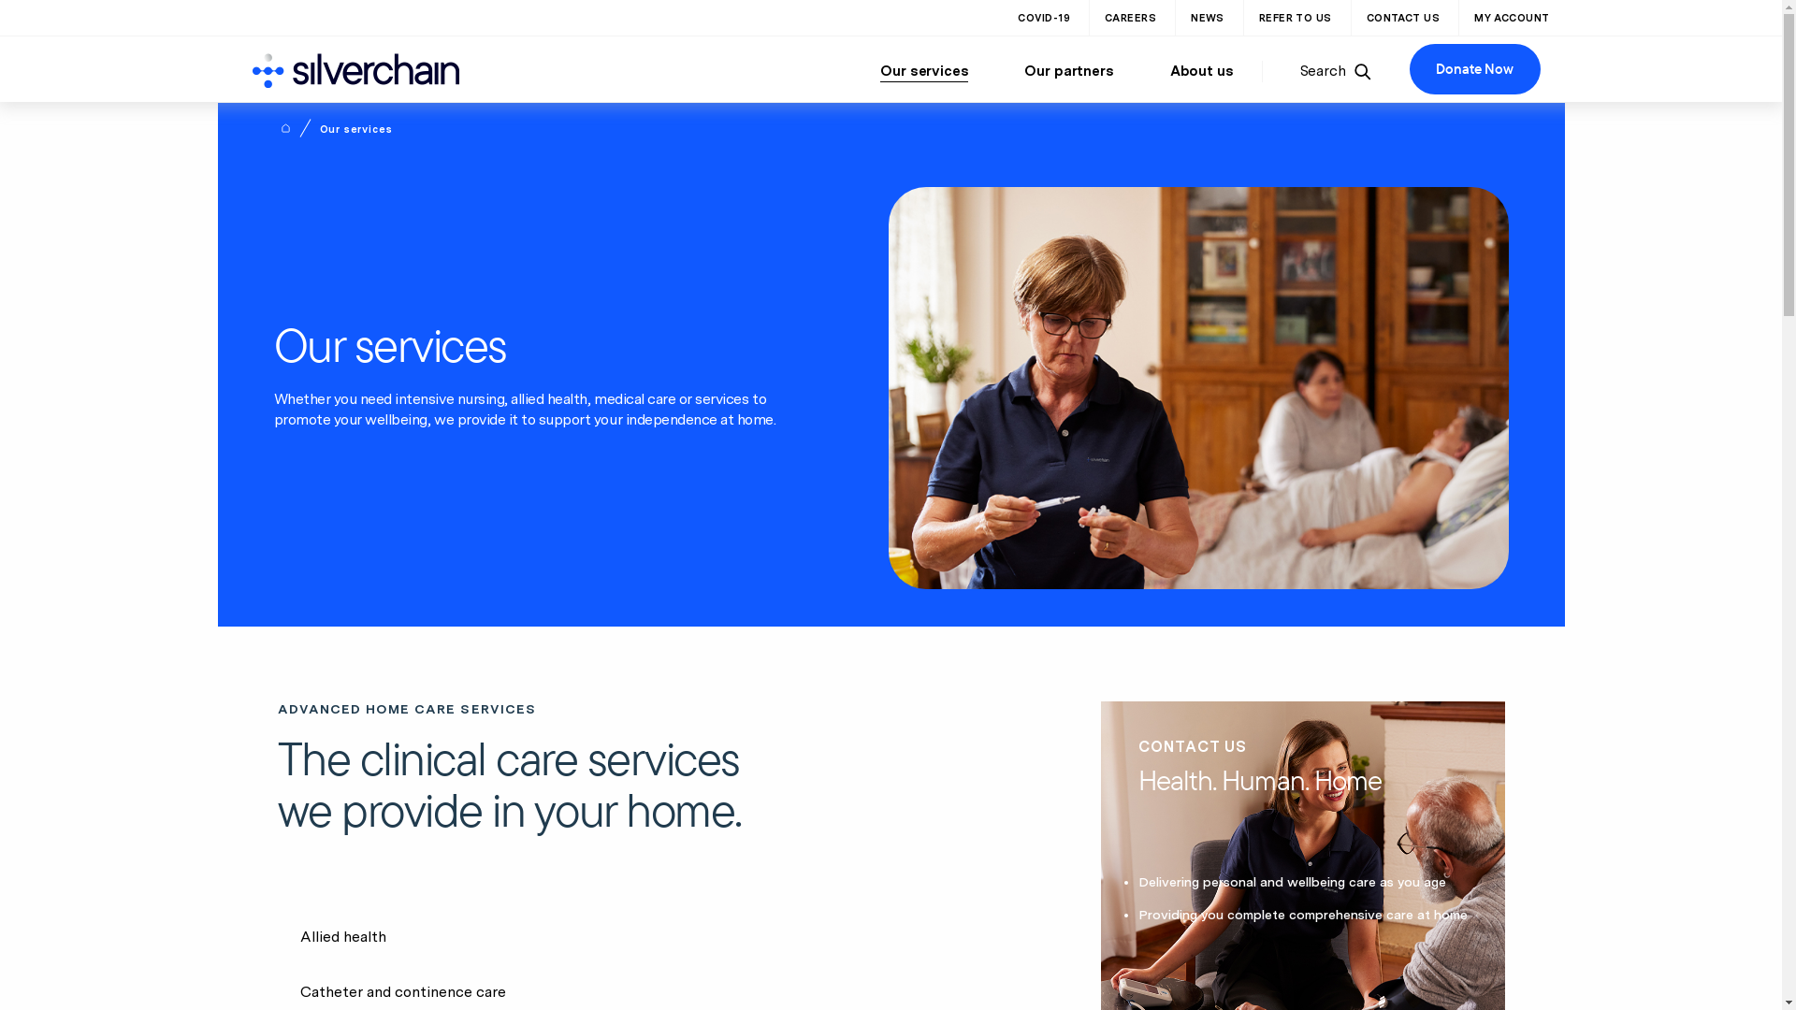 This screenshot has height=1010, width=1796. What do you see at coordinates (1295, 18) in the screenshot?
I see `'REFER TO US'` at bounding box center [1295, 18].